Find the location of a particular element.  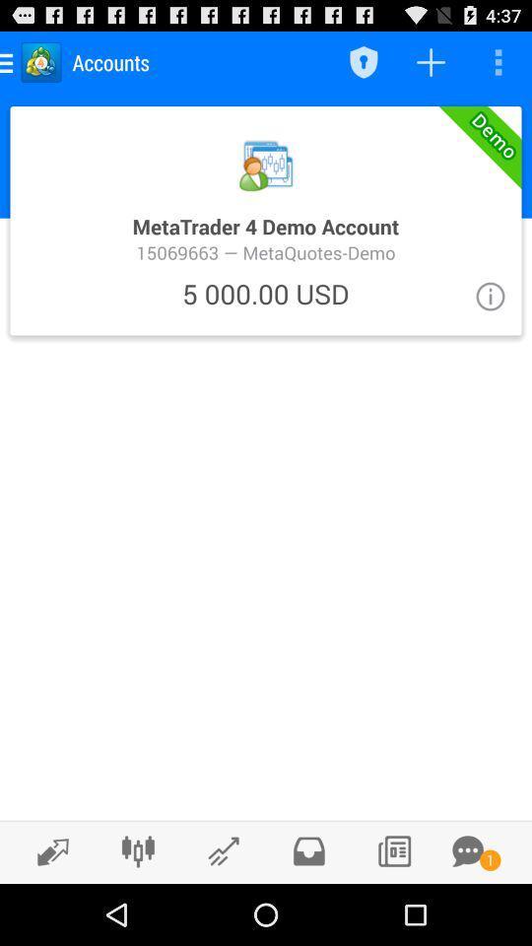

change graph type is located at coordinates (137, 850).